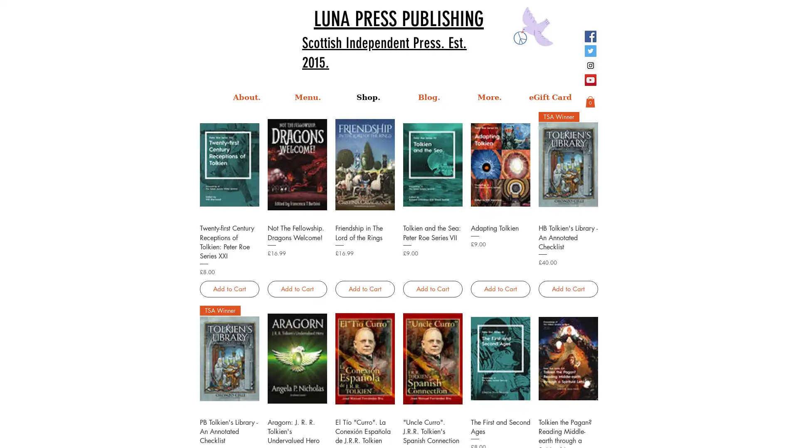 Image resolution: width=798 pixels, height=448 pixels. I want to click on Quick View, so click(229, 227).